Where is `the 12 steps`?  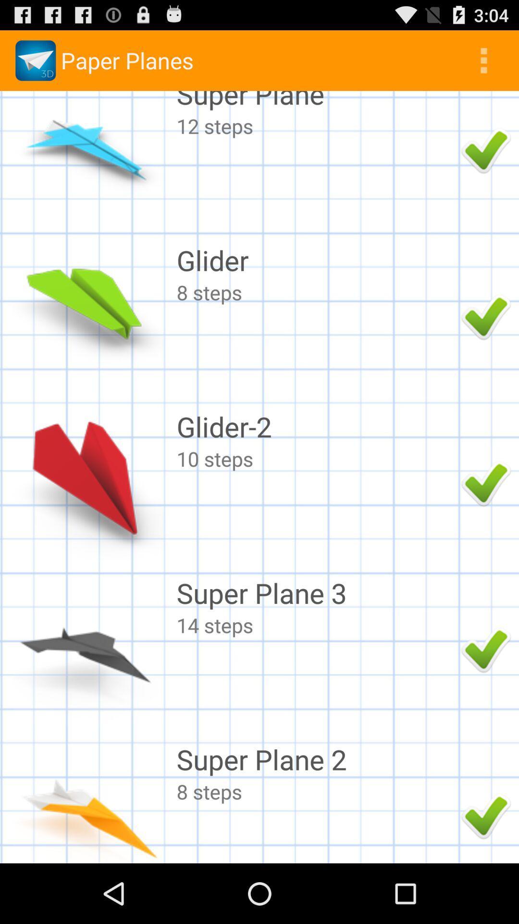
the 12 steps is located at coordinates (316, 125).